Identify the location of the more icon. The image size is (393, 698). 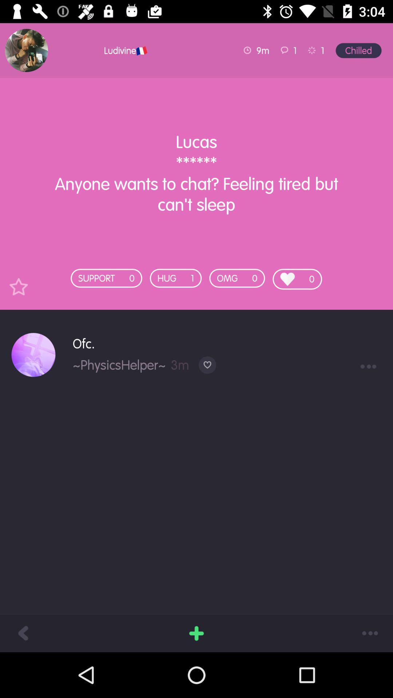
(370, 633).